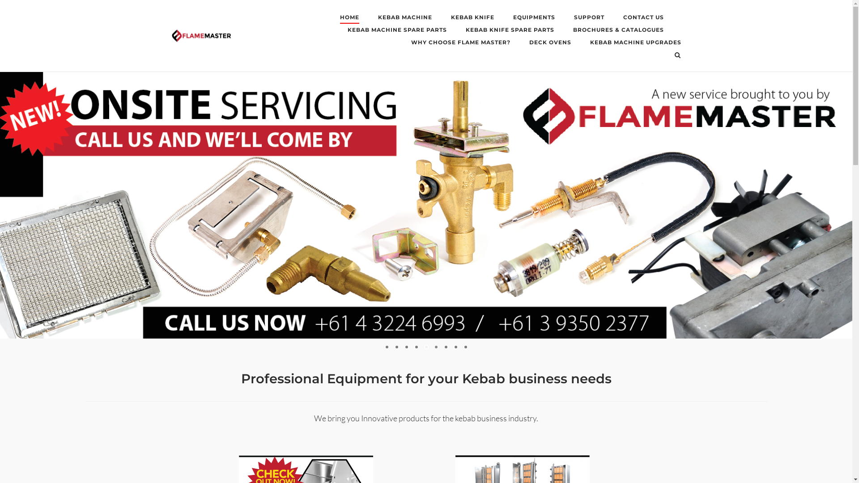 The image size is (859, 483). I want to click on 'EQUIPMENTS', so click(534, 19).